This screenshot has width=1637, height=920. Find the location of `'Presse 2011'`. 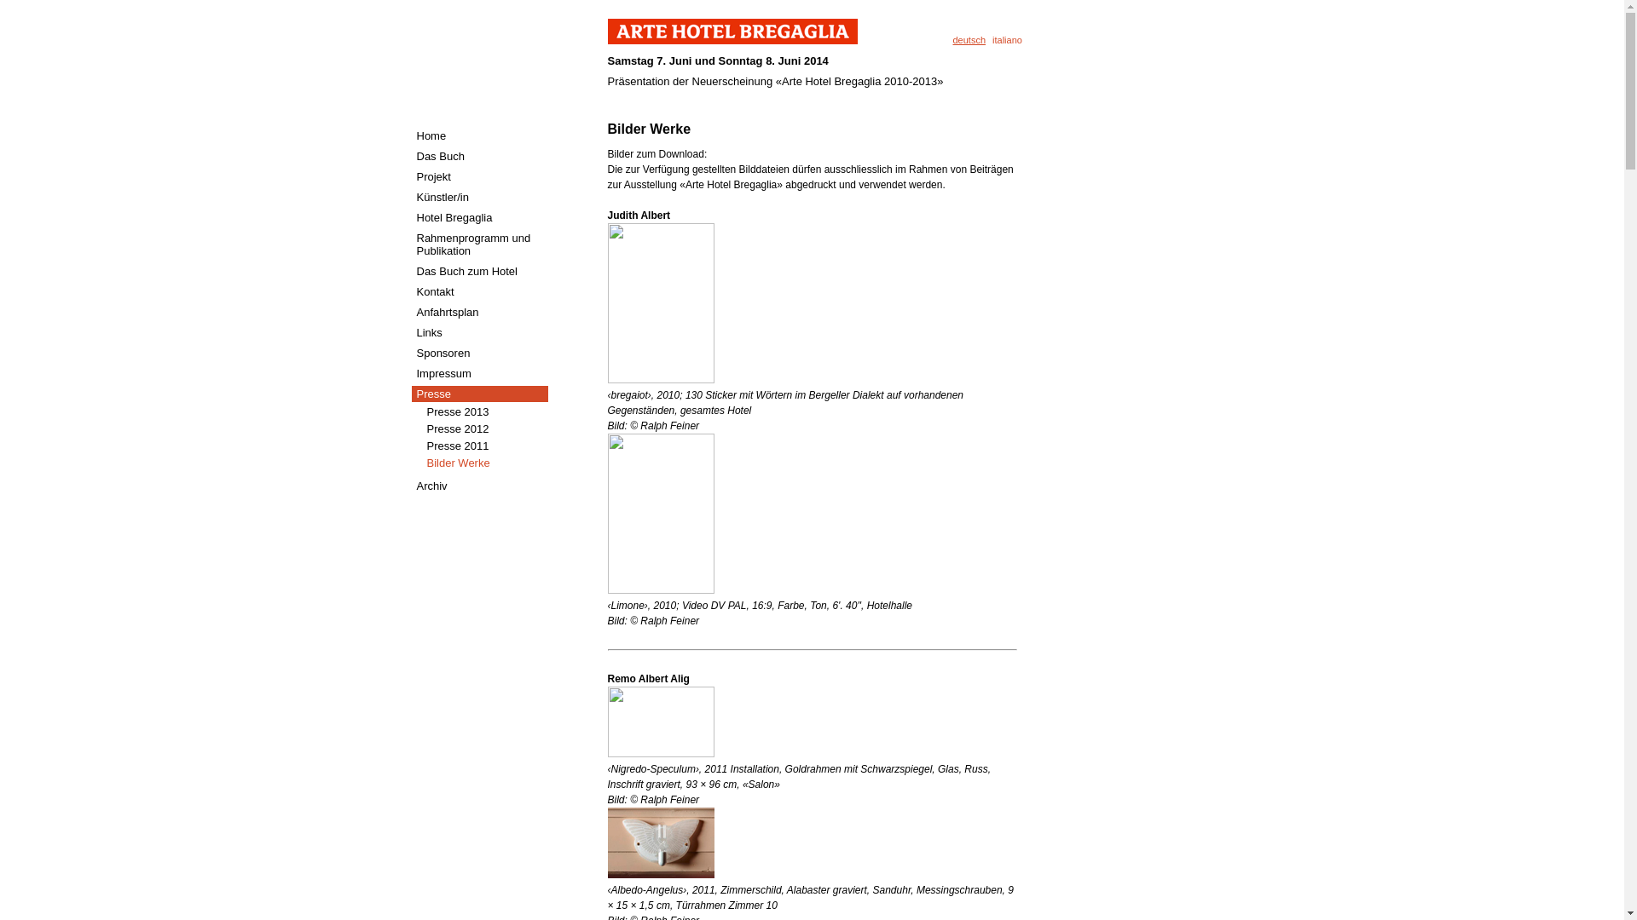

'Presse 2011' is located at coordinates (410, 445).